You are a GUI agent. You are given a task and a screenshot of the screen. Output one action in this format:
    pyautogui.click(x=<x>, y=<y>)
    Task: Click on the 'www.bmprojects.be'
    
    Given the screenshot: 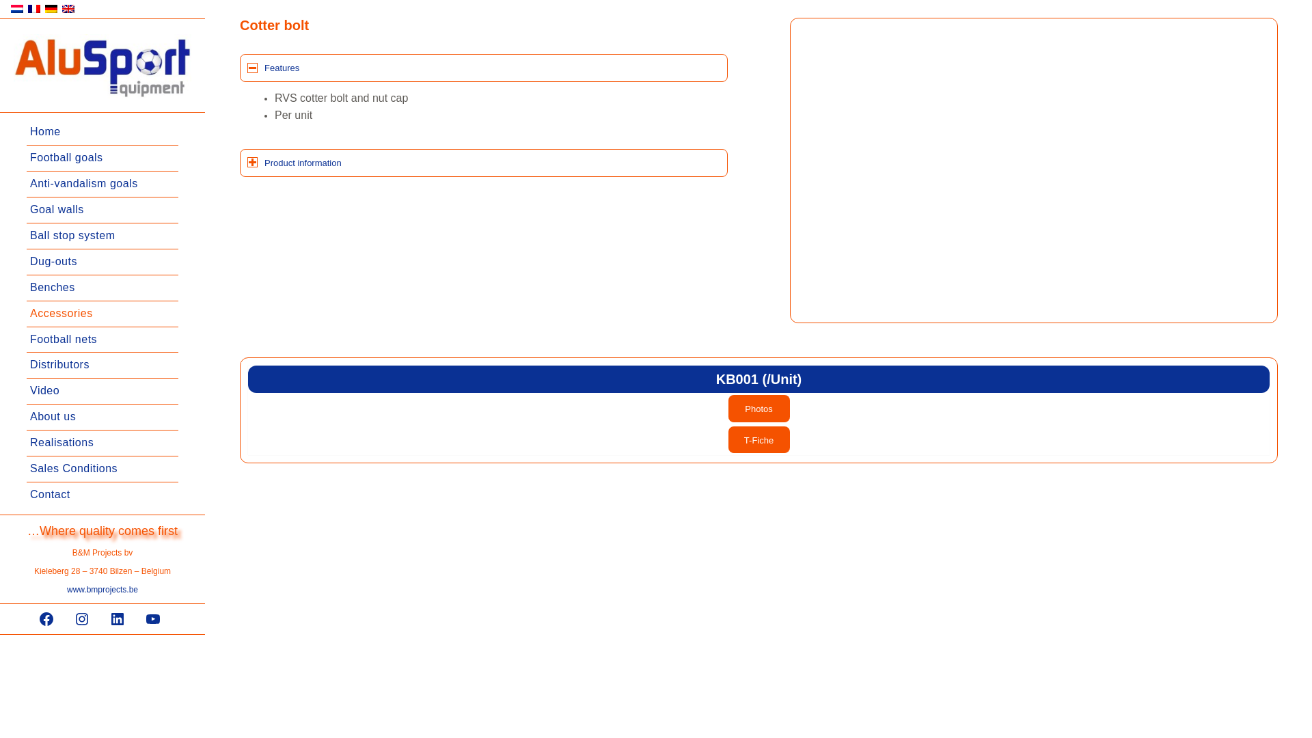 What is the action you would take?
    pyautogui.click(x=101, y=589)
    